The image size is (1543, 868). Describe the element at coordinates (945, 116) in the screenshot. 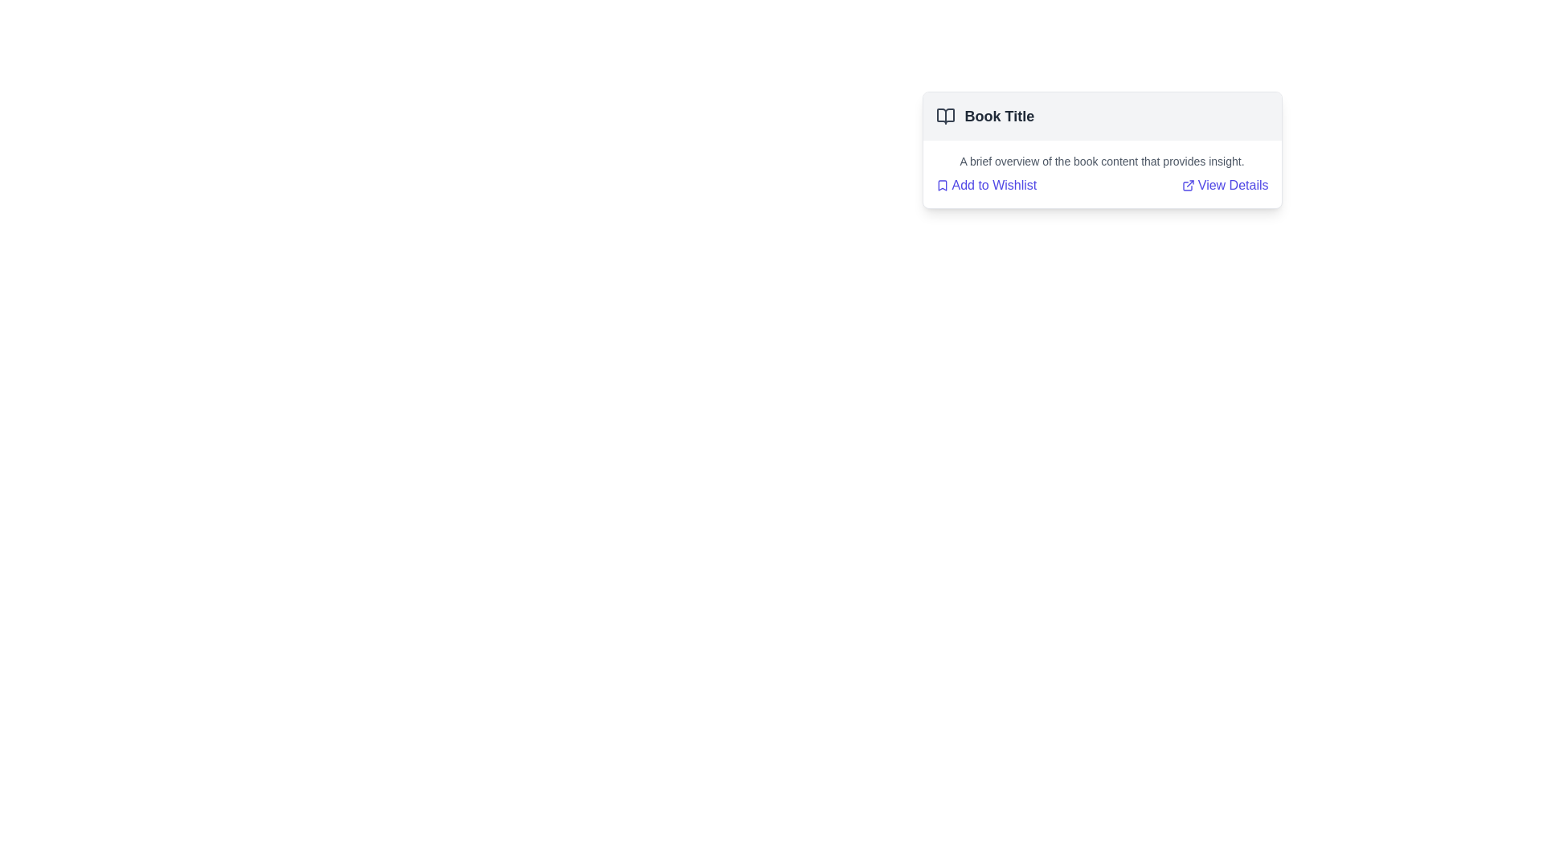

I see `the open book icon element, which is styled with a dark outline and is located to the left of the text 'Book Title'` at that location.